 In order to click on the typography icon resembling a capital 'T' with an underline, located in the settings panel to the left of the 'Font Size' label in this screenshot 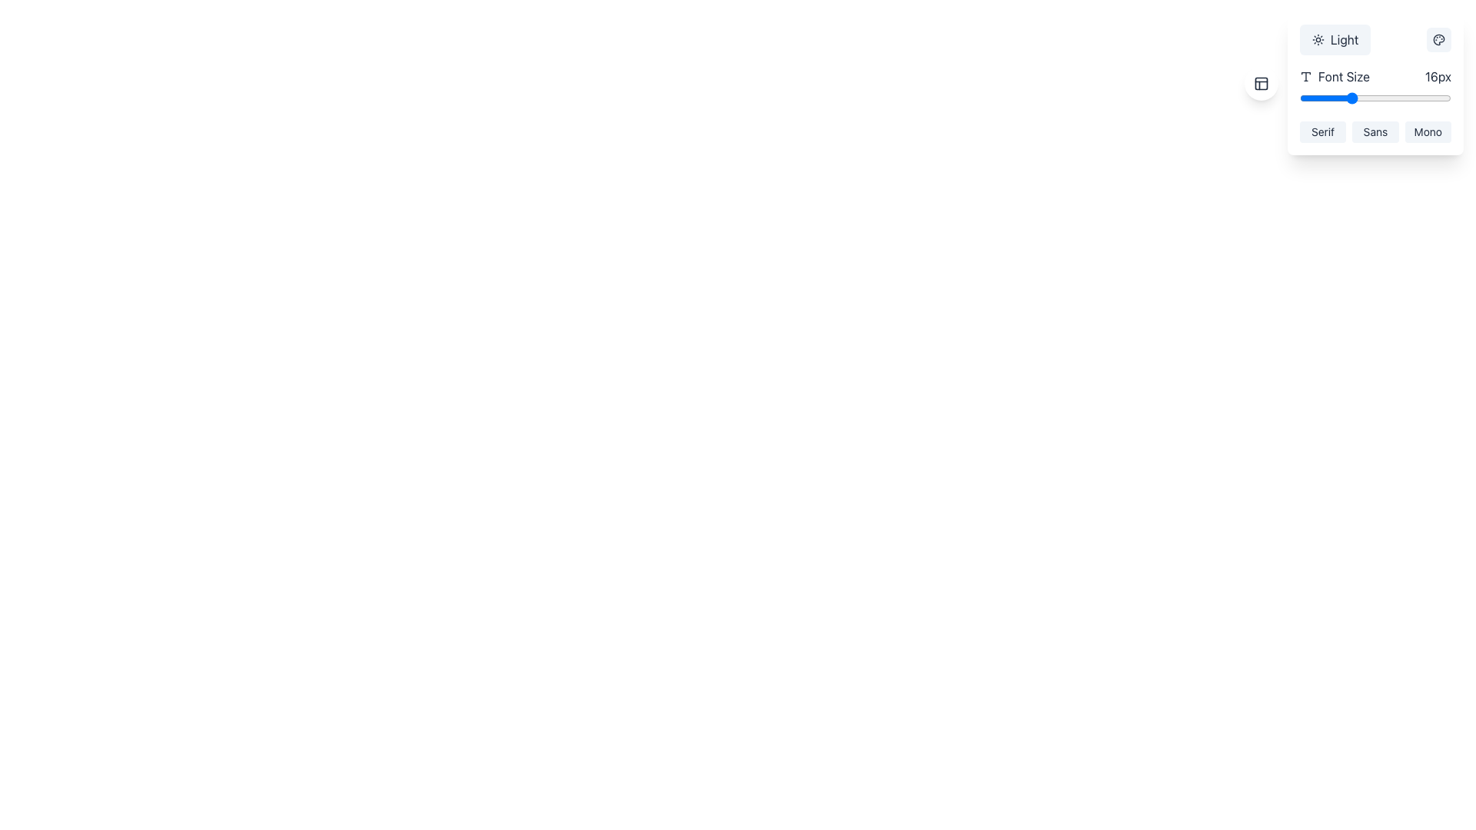, I will do `click(1305, 77)`.